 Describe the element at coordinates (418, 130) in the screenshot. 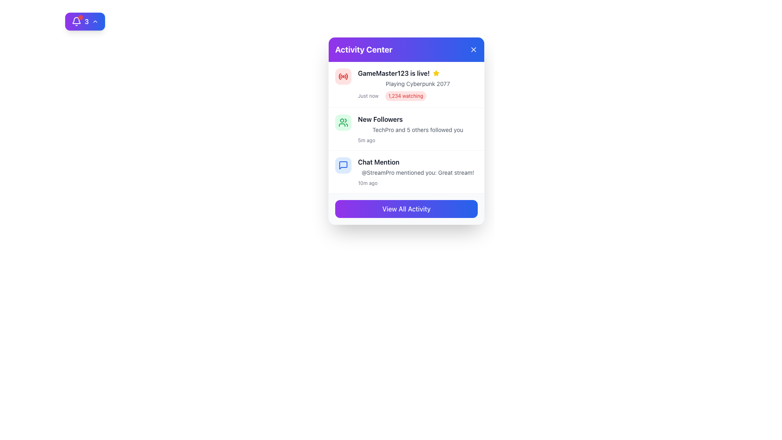

I see `the notification text label indicating new followers in the 'Activity Center' dialog, located below the 'New Followers' label and above the '5m ago' time indicator` at that location.